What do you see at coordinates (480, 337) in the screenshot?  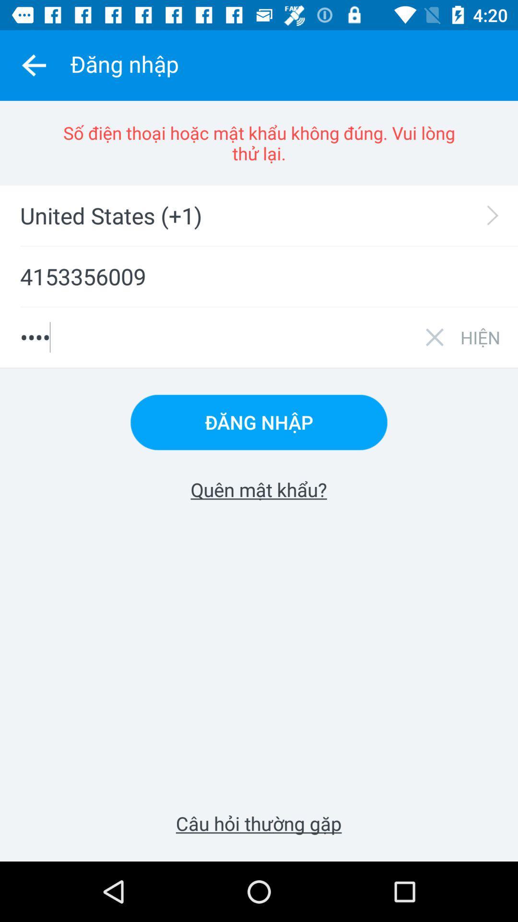 I see `icon below the 4153356009 item` at bounding box center [480, 337].